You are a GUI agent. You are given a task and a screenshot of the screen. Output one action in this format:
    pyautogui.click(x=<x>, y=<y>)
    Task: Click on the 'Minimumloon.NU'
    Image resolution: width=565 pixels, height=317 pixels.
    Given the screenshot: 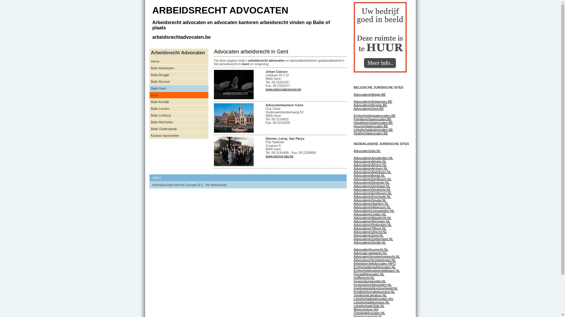 What is the action you would take?
    pyautogui.click(x=353, y=309)
    